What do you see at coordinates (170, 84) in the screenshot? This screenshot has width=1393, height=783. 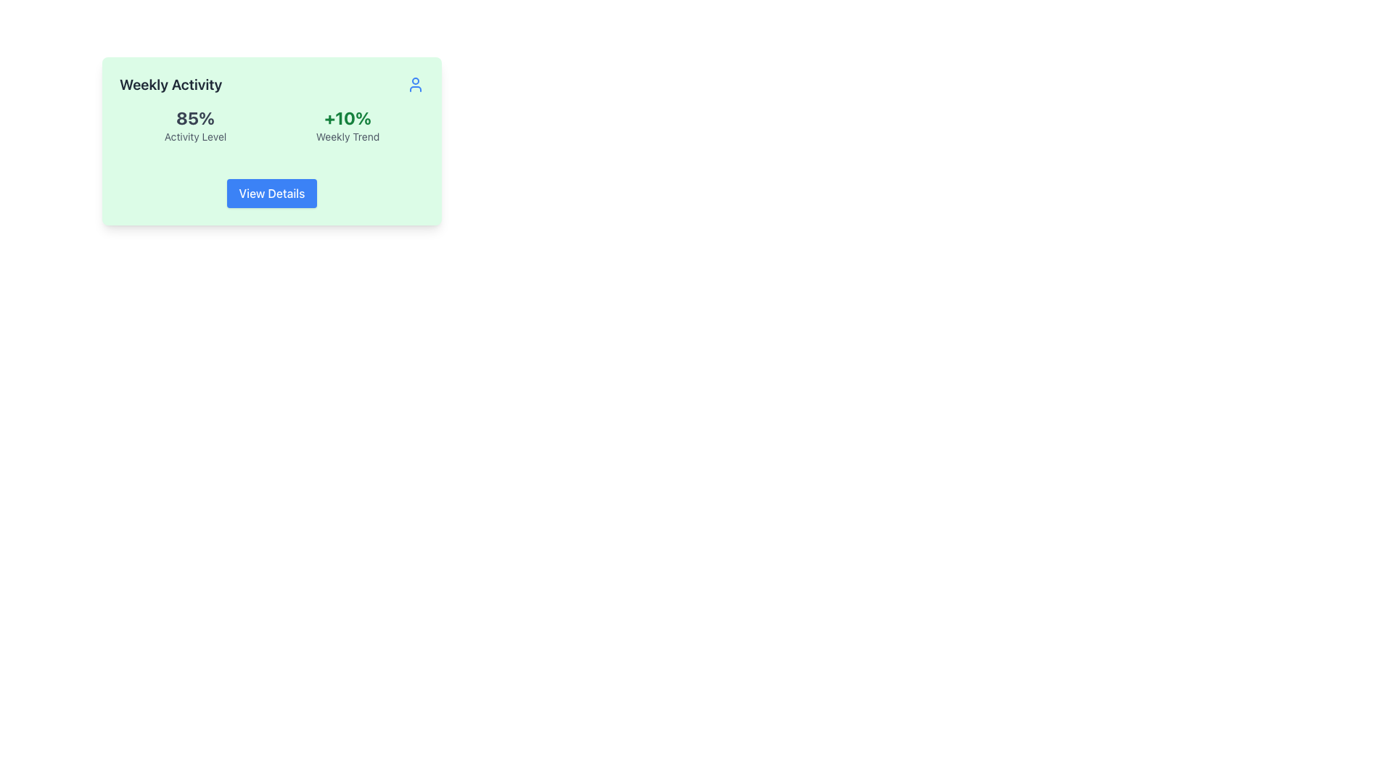 I see `text displayed as 'Weekly Activity', which is a large, bold heading in dark gray color located at the top-left corner of a light green card-like section` at bounding box center [170, 84].